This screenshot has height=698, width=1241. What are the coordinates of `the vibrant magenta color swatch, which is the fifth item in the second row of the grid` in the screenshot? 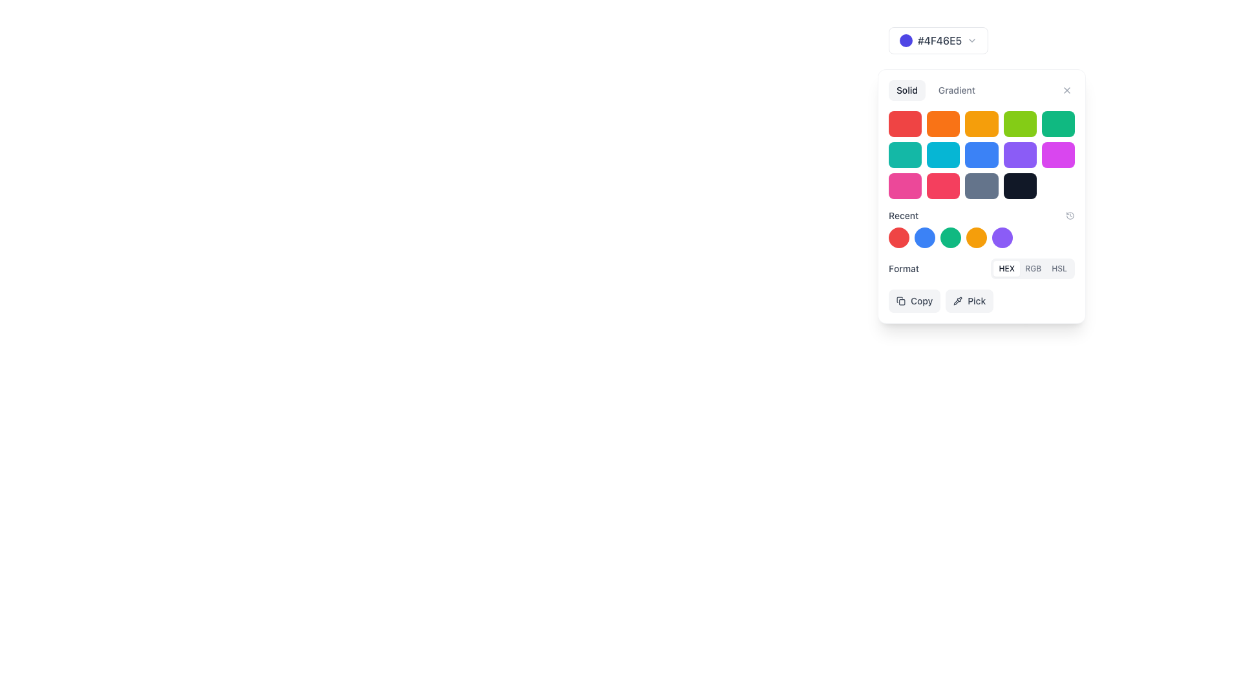 It's located at (1058, 154).